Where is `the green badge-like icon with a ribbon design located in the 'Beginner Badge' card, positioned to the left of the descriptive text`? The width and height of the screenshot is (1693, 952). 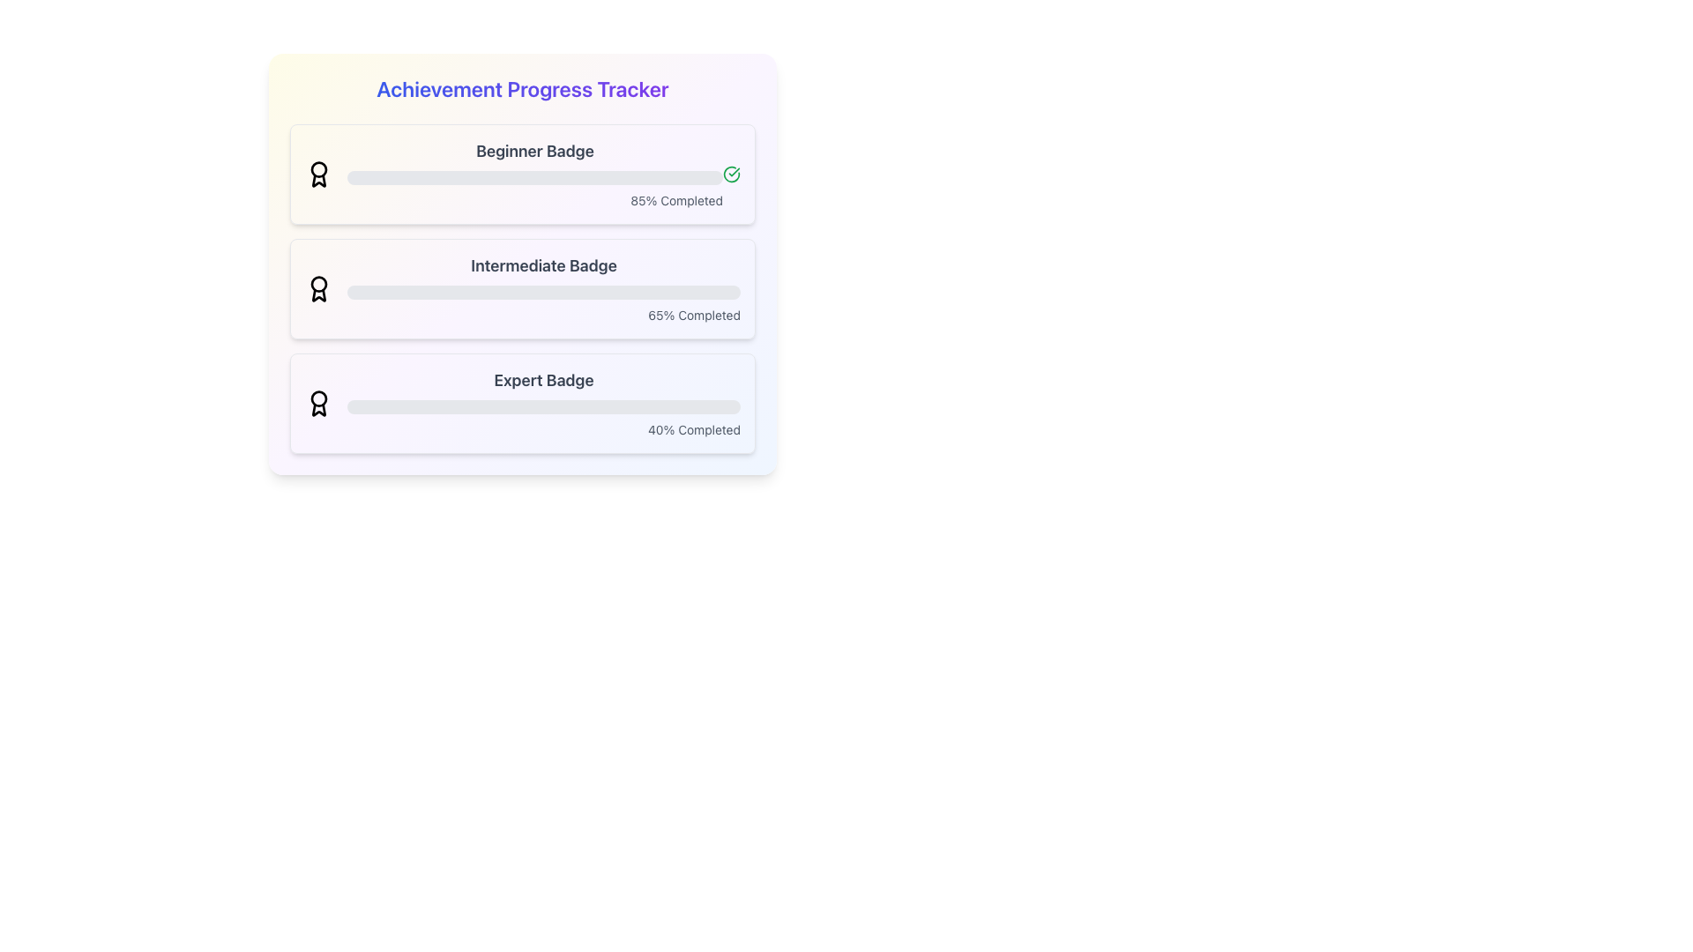 the green badge-like icon with a ribbon design located in the 'Beginner Badge' card, positioned to the left of the descriptive text is located at coordinates (318, 174).